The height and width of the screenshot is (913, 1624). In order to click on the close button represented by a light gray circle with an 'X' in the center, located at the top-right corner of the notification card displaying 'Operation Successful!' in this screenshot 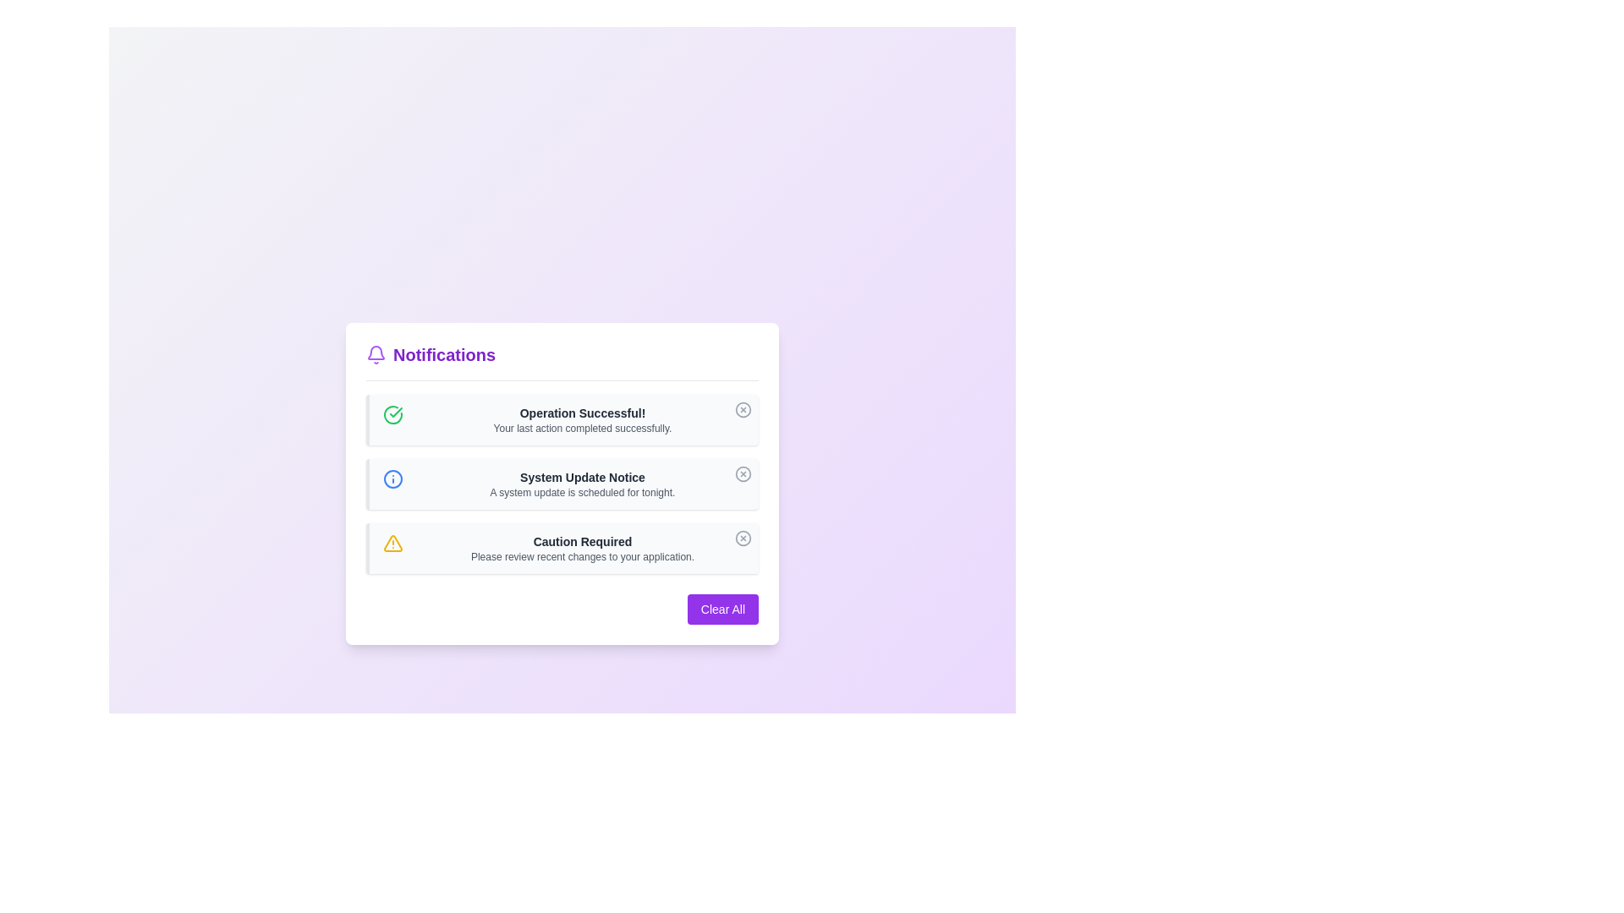, I will do `click(743, 409)`.